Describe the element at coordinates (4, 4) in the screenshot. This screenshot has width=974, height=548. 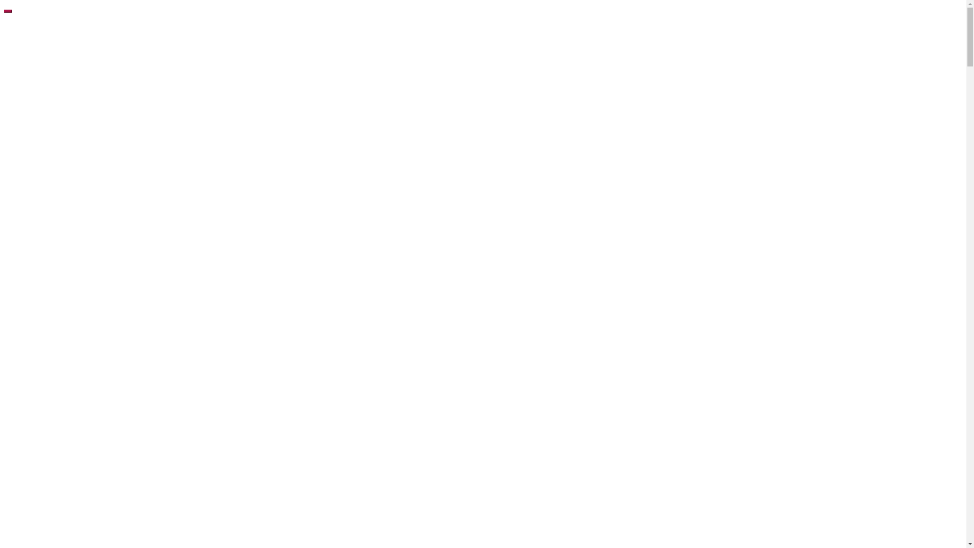
I see `'Skip to content'` at that location.